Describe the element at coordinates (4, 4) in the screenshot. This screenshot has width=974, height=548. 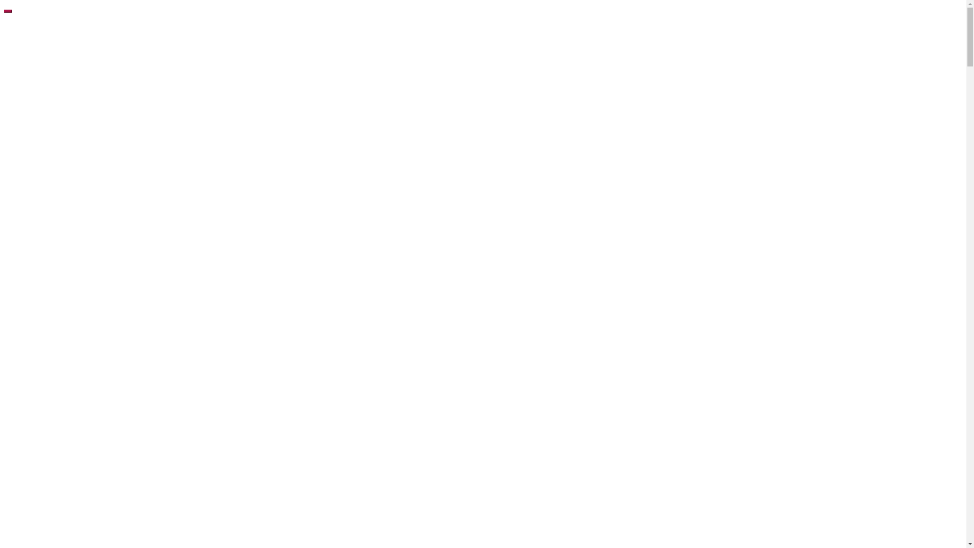
I see `'Skip to content'` at that location.